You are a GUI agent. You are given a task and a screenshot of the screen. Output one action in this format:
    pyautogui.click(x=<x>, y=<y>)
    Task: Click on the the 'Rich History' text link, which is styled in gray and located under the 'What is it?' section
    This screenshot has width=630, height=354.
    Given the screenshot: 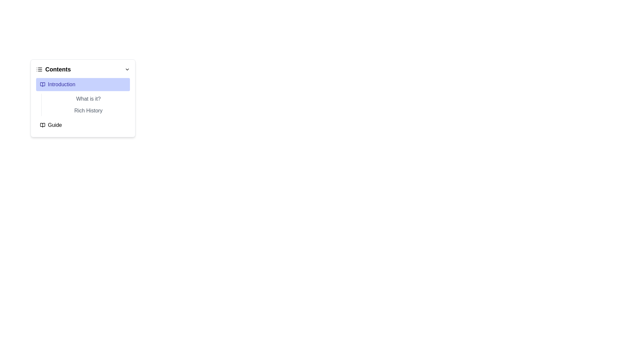 What is the action you would take?
    pyautogui.click(x=88, y=110)
    